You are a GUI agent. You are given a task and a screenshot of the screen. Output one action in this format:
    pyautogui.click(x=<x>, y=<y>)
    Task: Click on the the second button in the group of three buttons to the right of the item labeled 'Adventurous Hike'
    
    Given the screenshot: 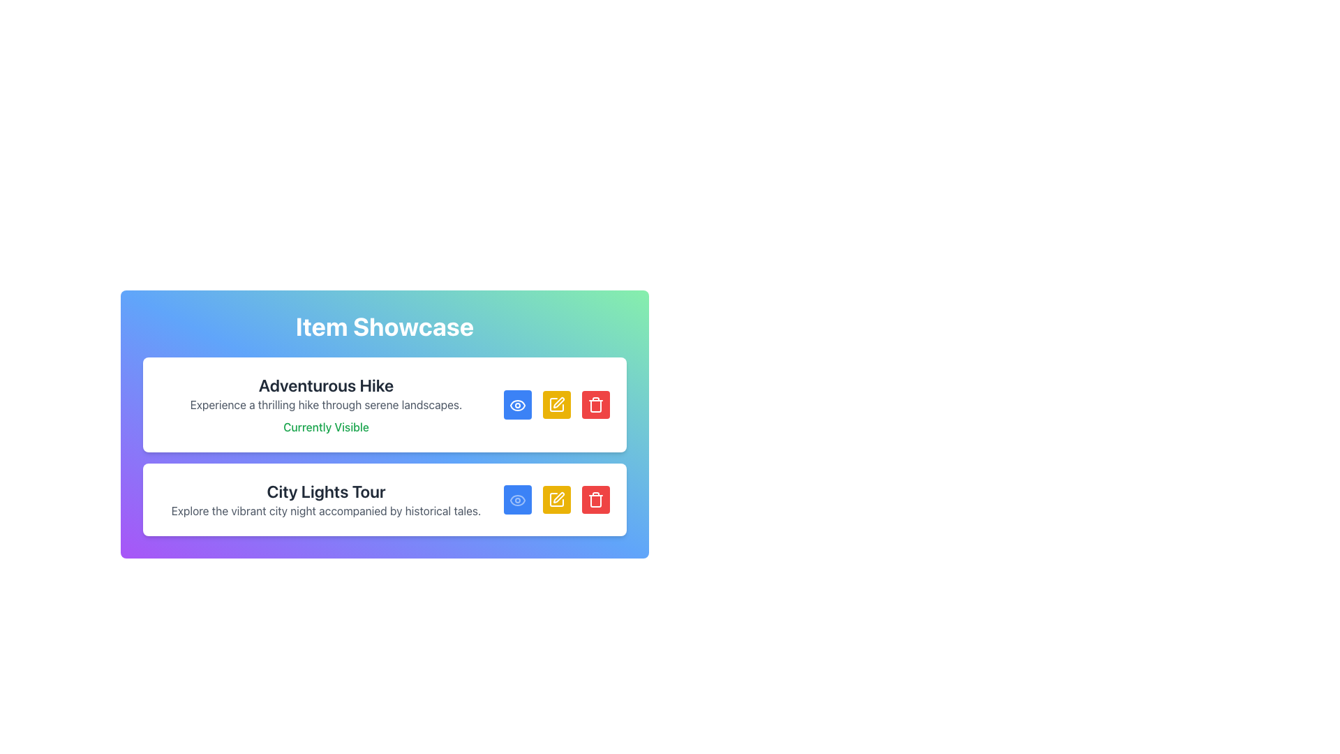 What is the action you would take?
    pyautogui.click(x=556, y=404)
    